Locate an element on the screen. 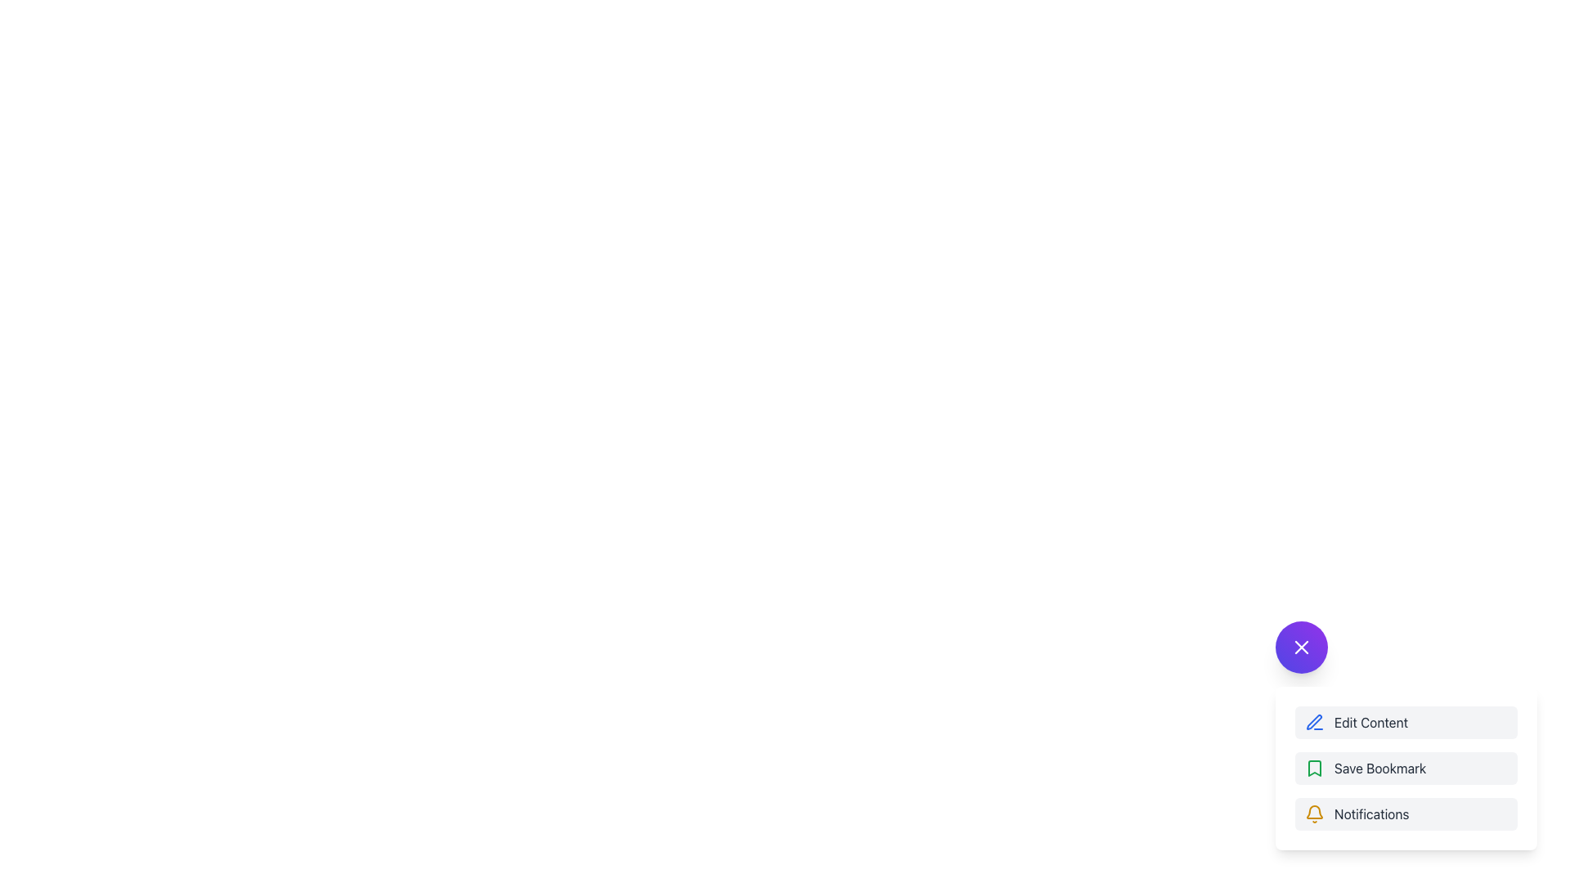 The image size is (1570, 883). the 'Save Bookmark' text label is located at coordinates (1379, 769).